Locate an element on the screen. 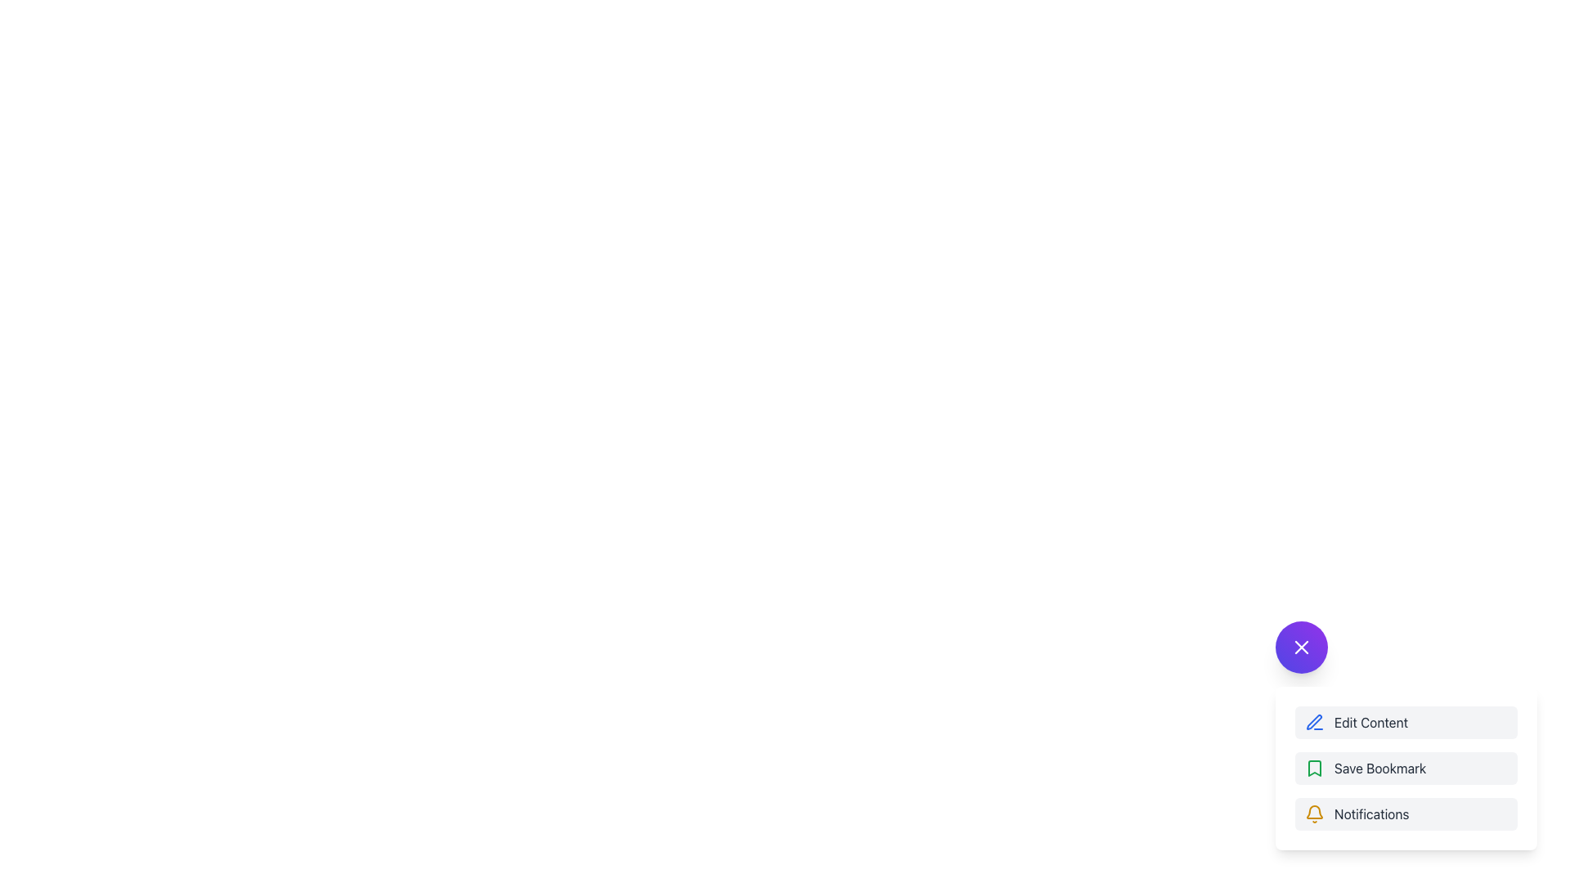 The image size is (1570, 883). the 'Save Bookmark' text label is located at coordinates (1379, 769).